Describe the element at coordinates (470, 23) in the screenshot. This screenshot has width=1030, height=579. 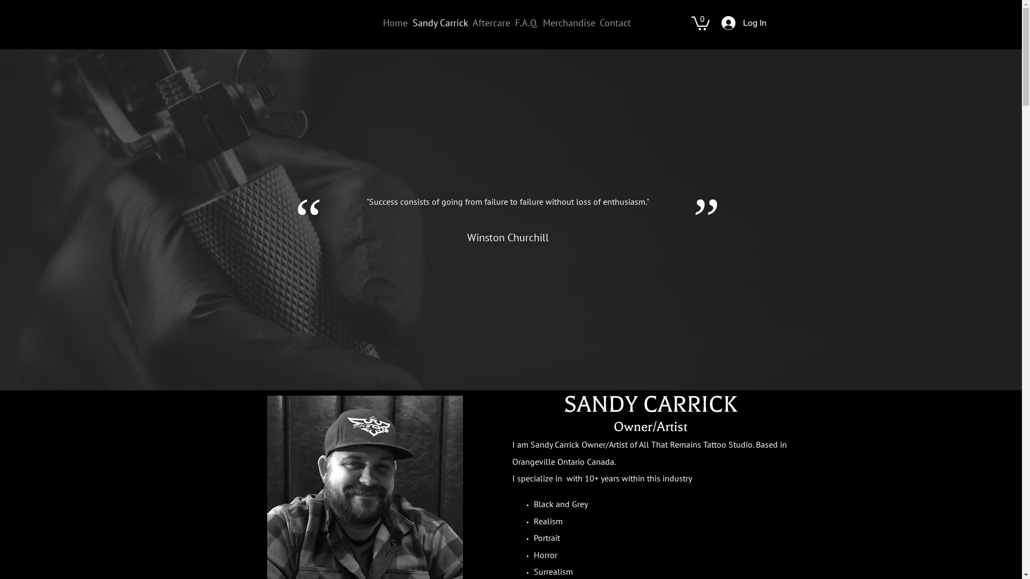
I see `'Aftercare'` at that location.